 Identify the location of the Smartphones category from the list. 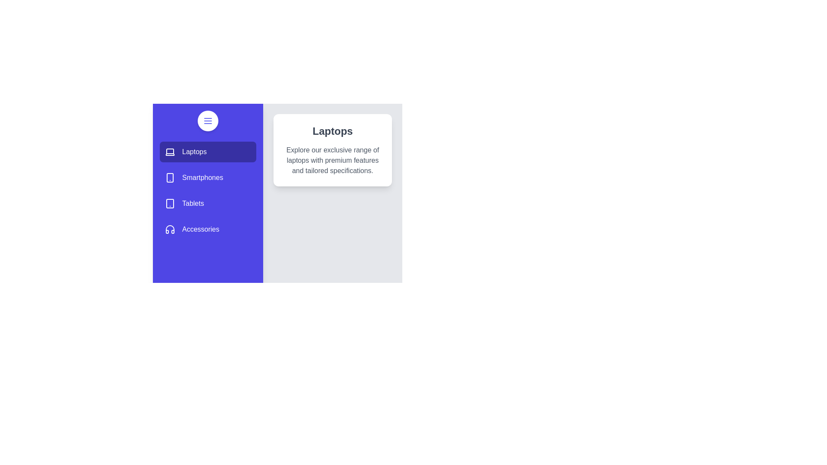
(208, 177).